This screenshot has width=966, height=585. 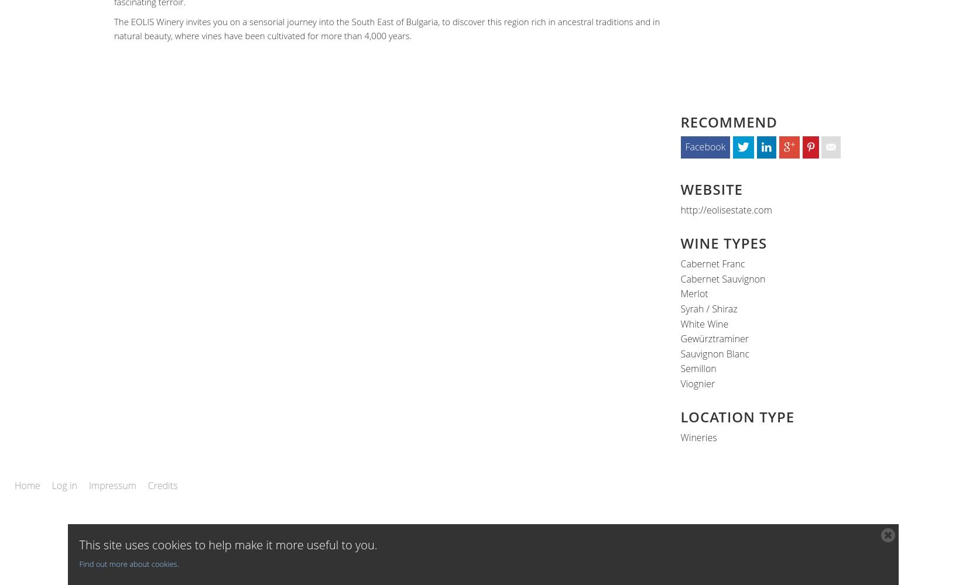 What do you see at coordinates (680, 309) in the screenshot?
I see `'Syrah / Shiraz'` at bounding box center [680, 309].